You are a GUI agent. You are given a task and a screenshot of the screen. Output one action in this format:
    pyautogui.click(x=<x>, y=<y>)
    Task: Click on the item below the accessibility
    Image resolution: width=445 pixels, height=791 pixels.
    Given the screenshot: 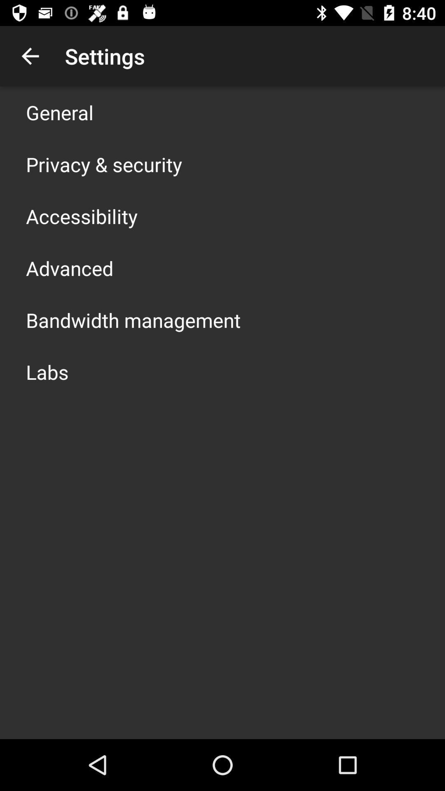 What is the action you would take?
    pyautogui.click(x=69, y=268)
    